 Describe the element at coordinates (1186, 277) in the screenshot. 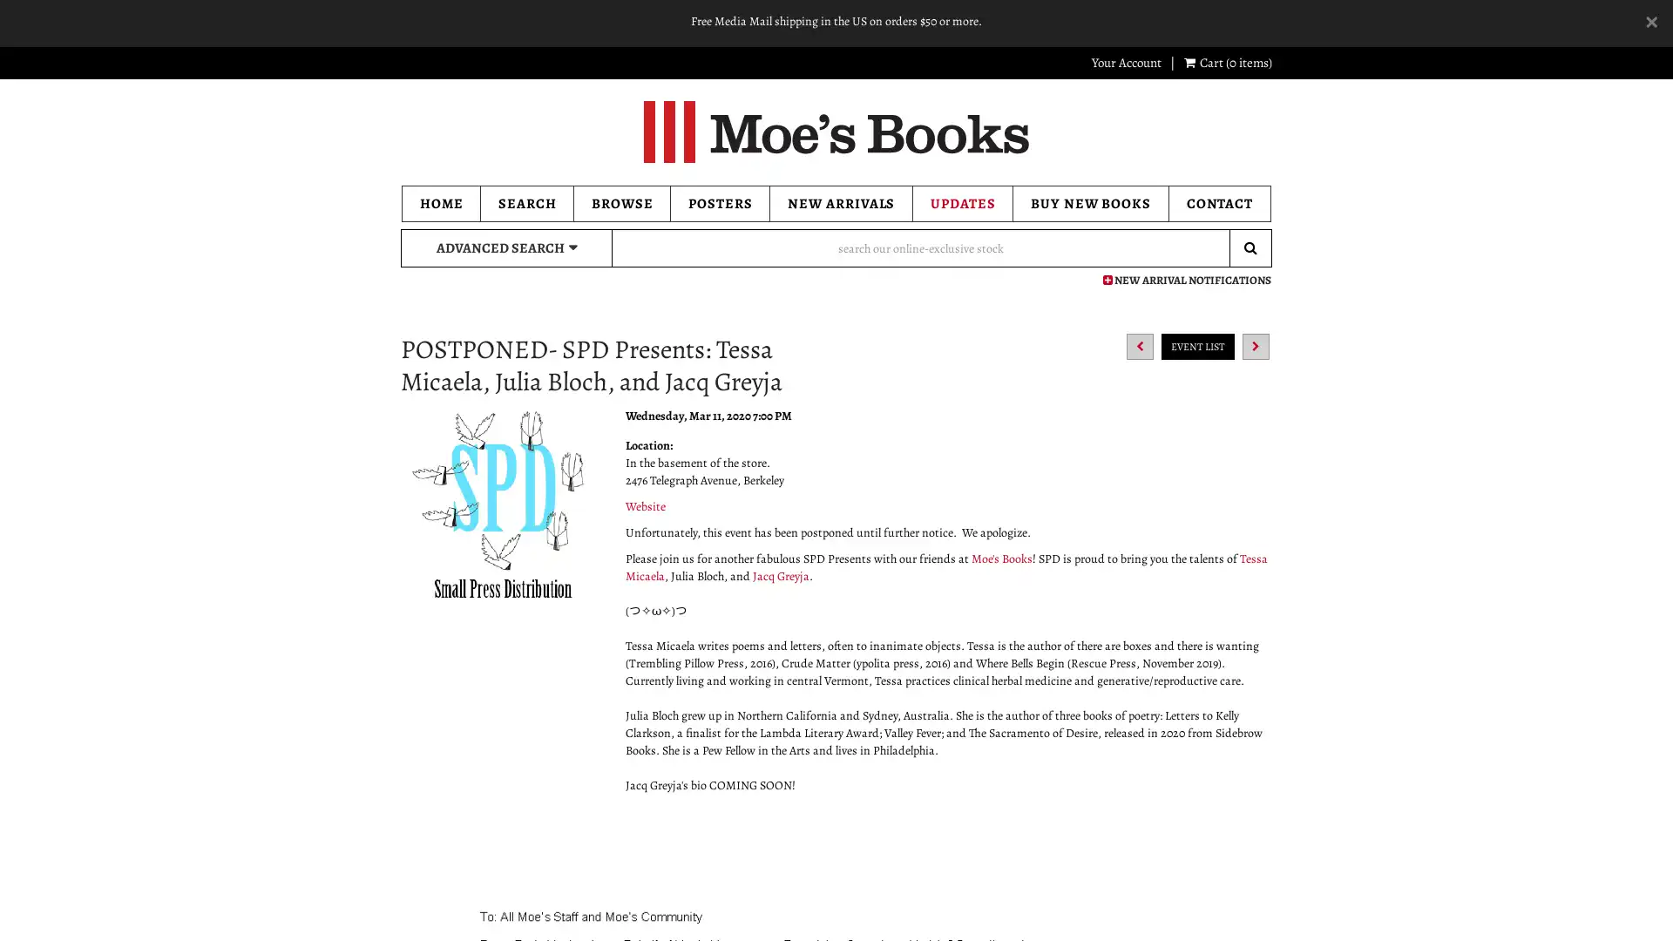

I see `NEW ARRIVAL NOTIFICATIONS` at that location.